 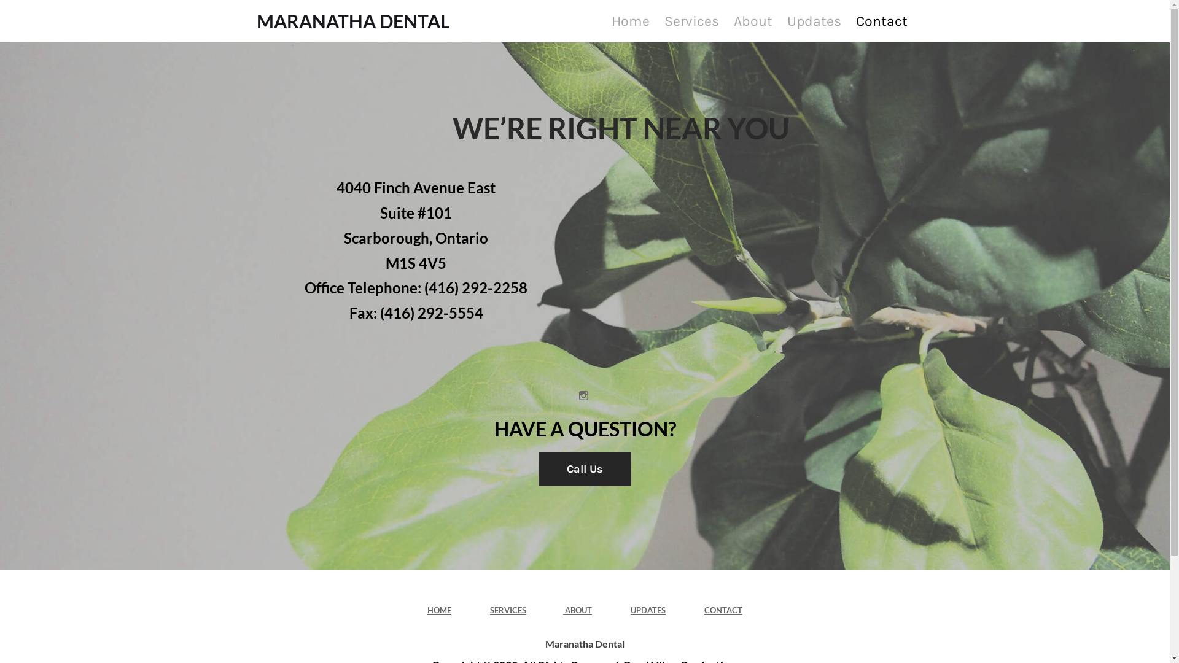 What do you see at coordinates (630, 21) in the screenshot?
I see `'Home'` at bounding box center [630, 21].